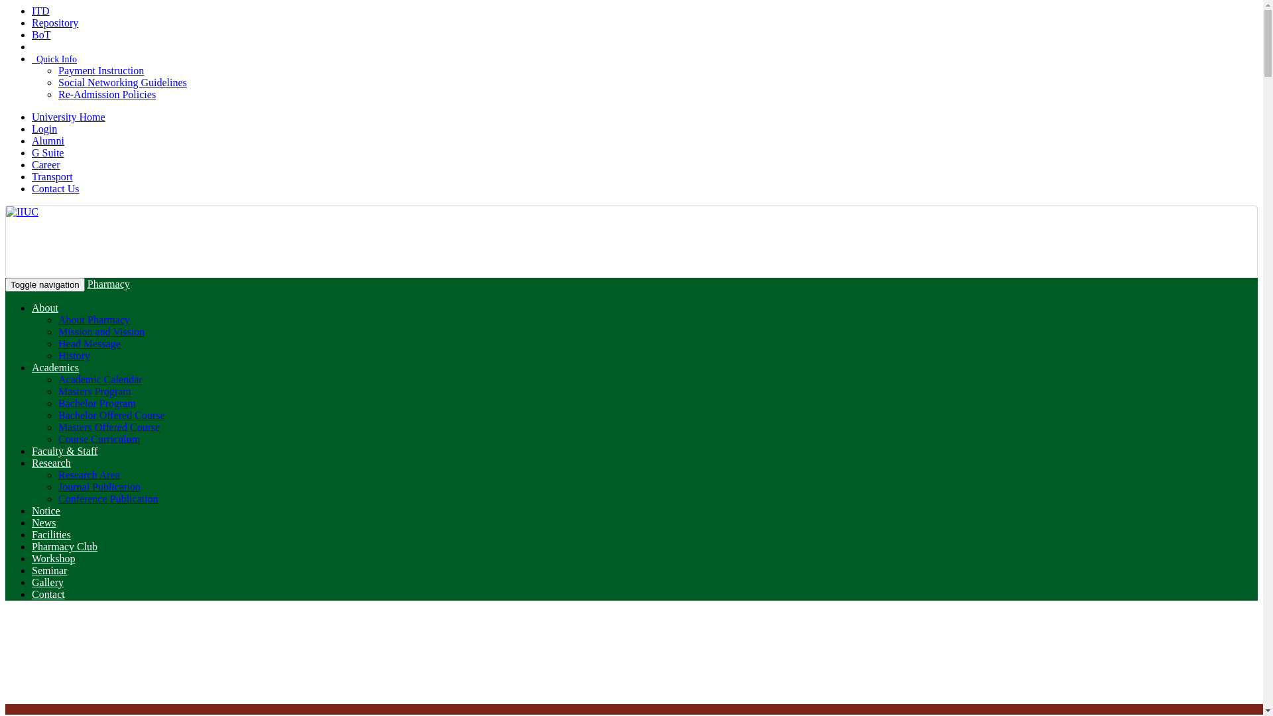  What do you see at coordinates (54, 188) in the screenshot?
I see `'Contact Us'` at bounding box center [54, 188].